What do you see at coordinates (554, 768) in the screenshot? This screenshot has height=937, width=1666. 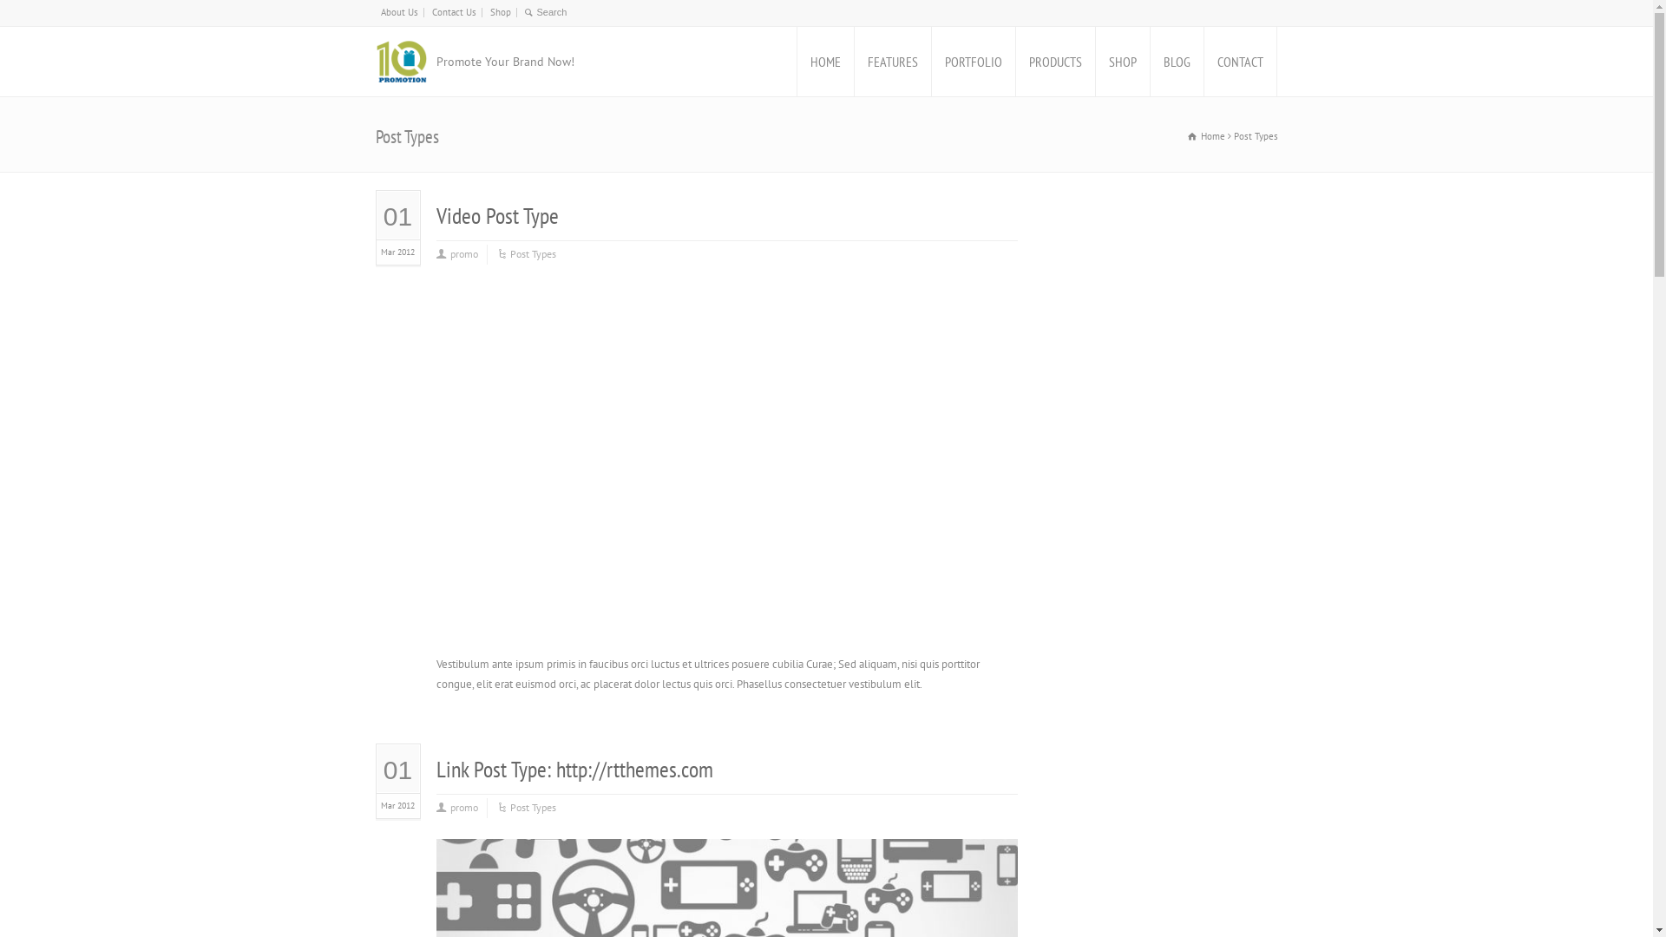 I see `'http://rtthemes.com'` at bounding box center [554, 768].